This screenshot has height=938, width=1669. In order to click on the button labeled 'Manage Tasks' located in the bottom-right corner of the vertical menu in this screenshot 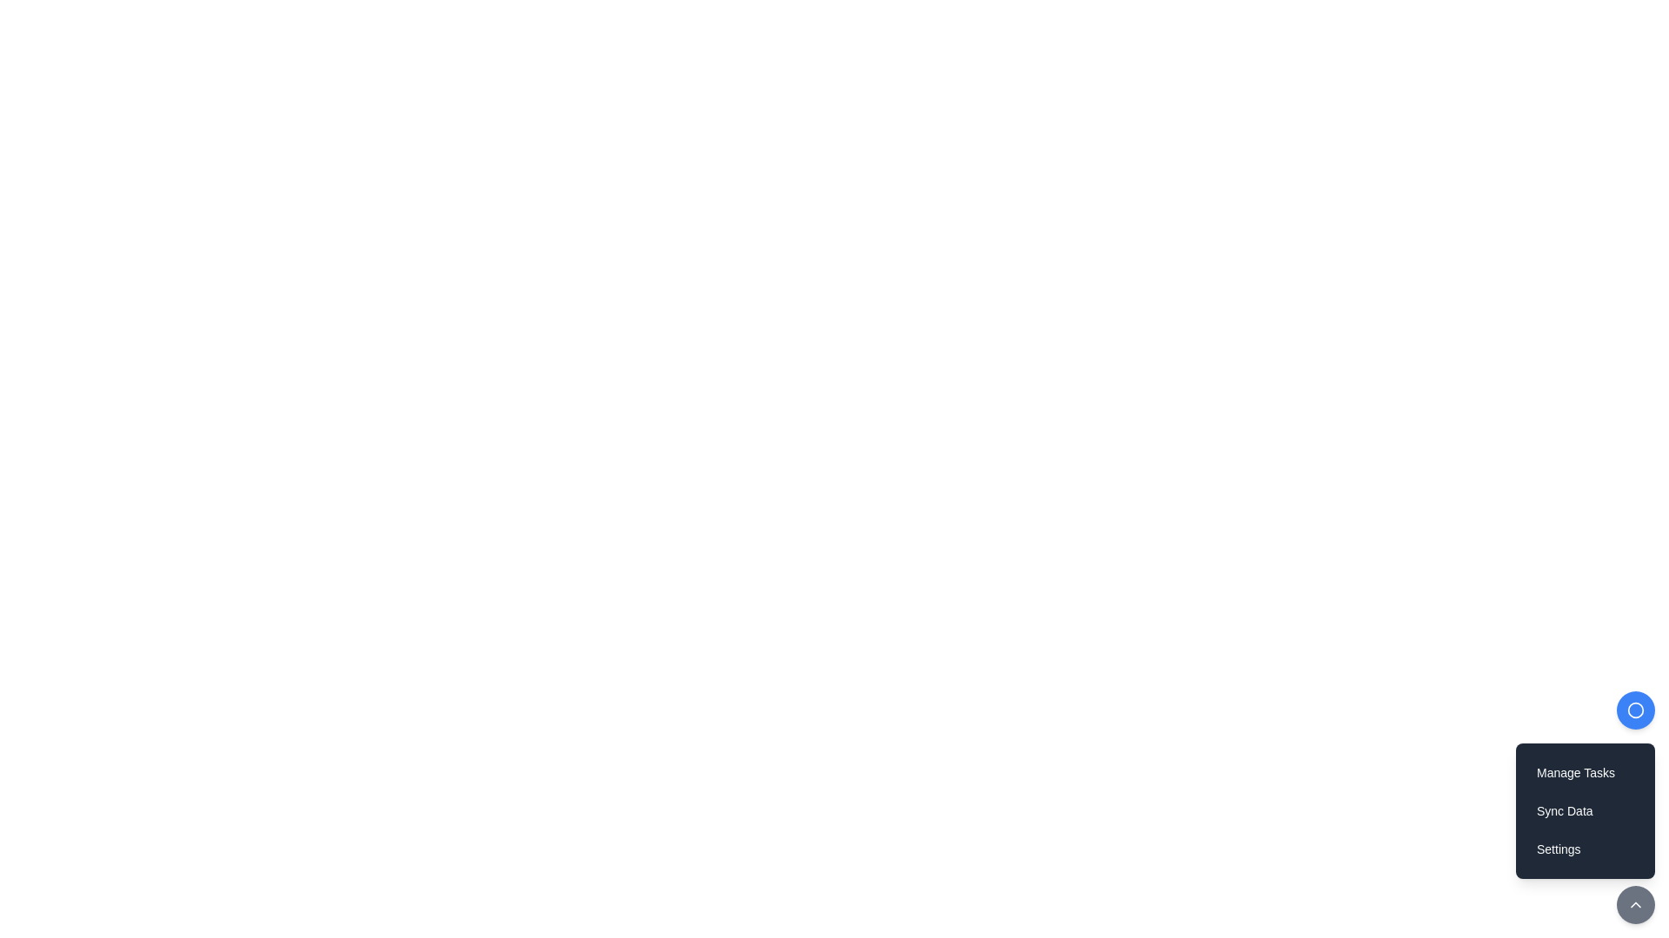, I will do `click(1586, 772)`.